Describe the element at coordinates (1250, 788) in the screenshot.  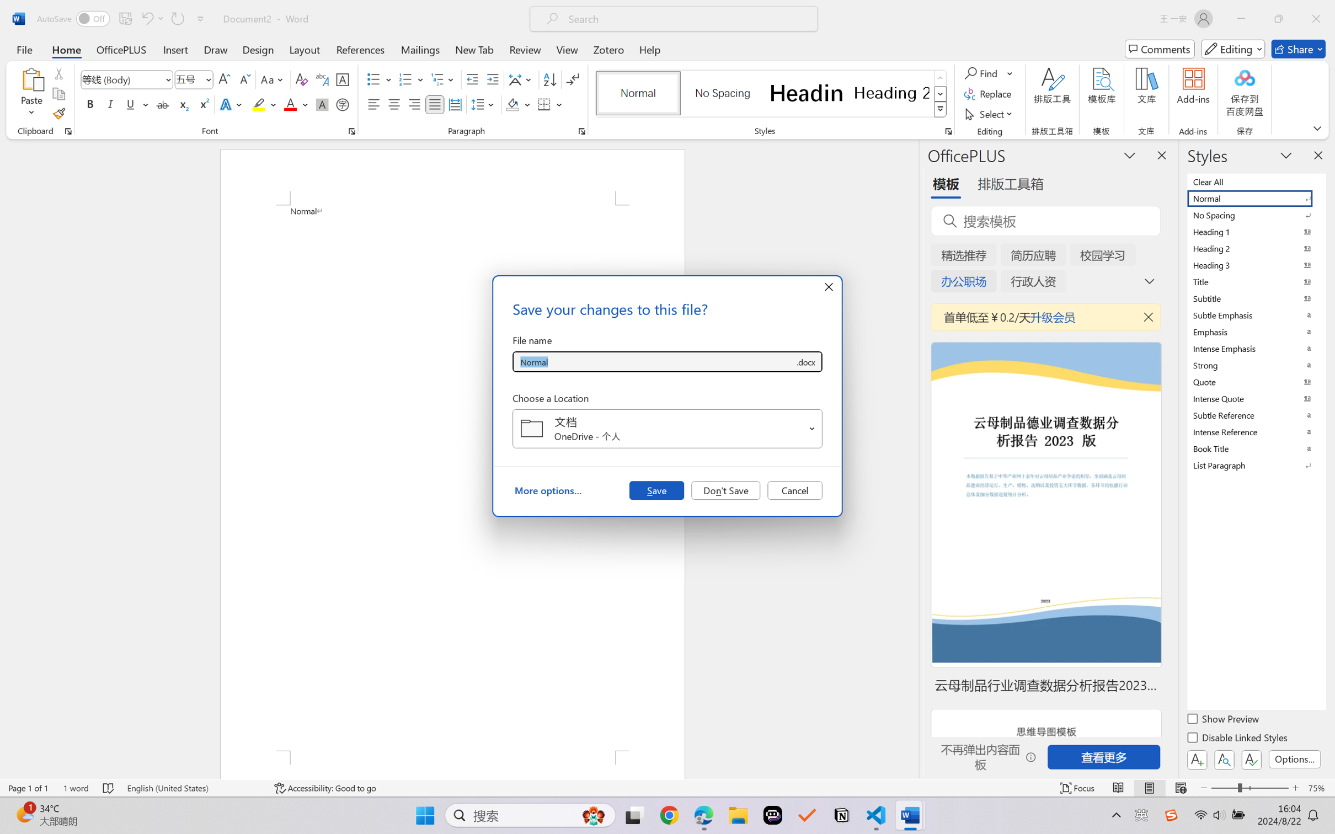
I see `'Zoom'` at that location.